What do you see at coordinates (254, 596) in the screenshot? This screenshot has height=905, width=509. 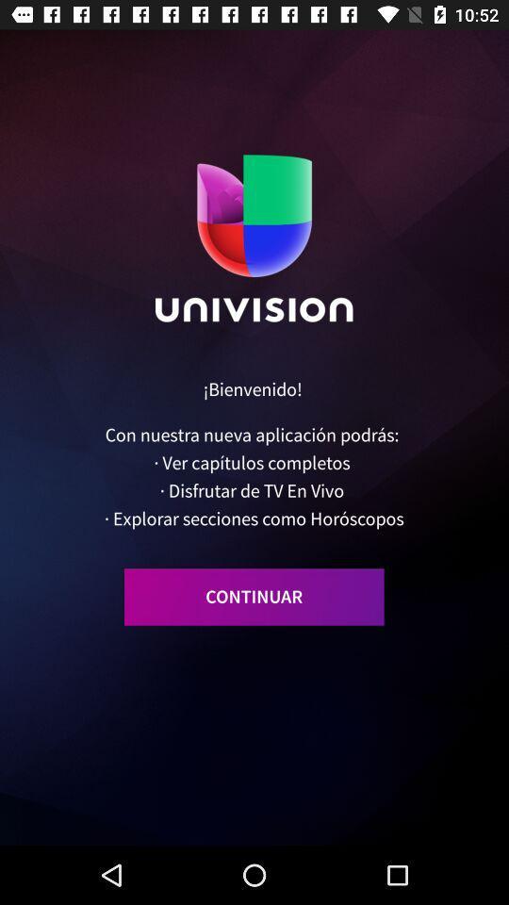 I see `continuar icon` at bounding box center [254, 596].